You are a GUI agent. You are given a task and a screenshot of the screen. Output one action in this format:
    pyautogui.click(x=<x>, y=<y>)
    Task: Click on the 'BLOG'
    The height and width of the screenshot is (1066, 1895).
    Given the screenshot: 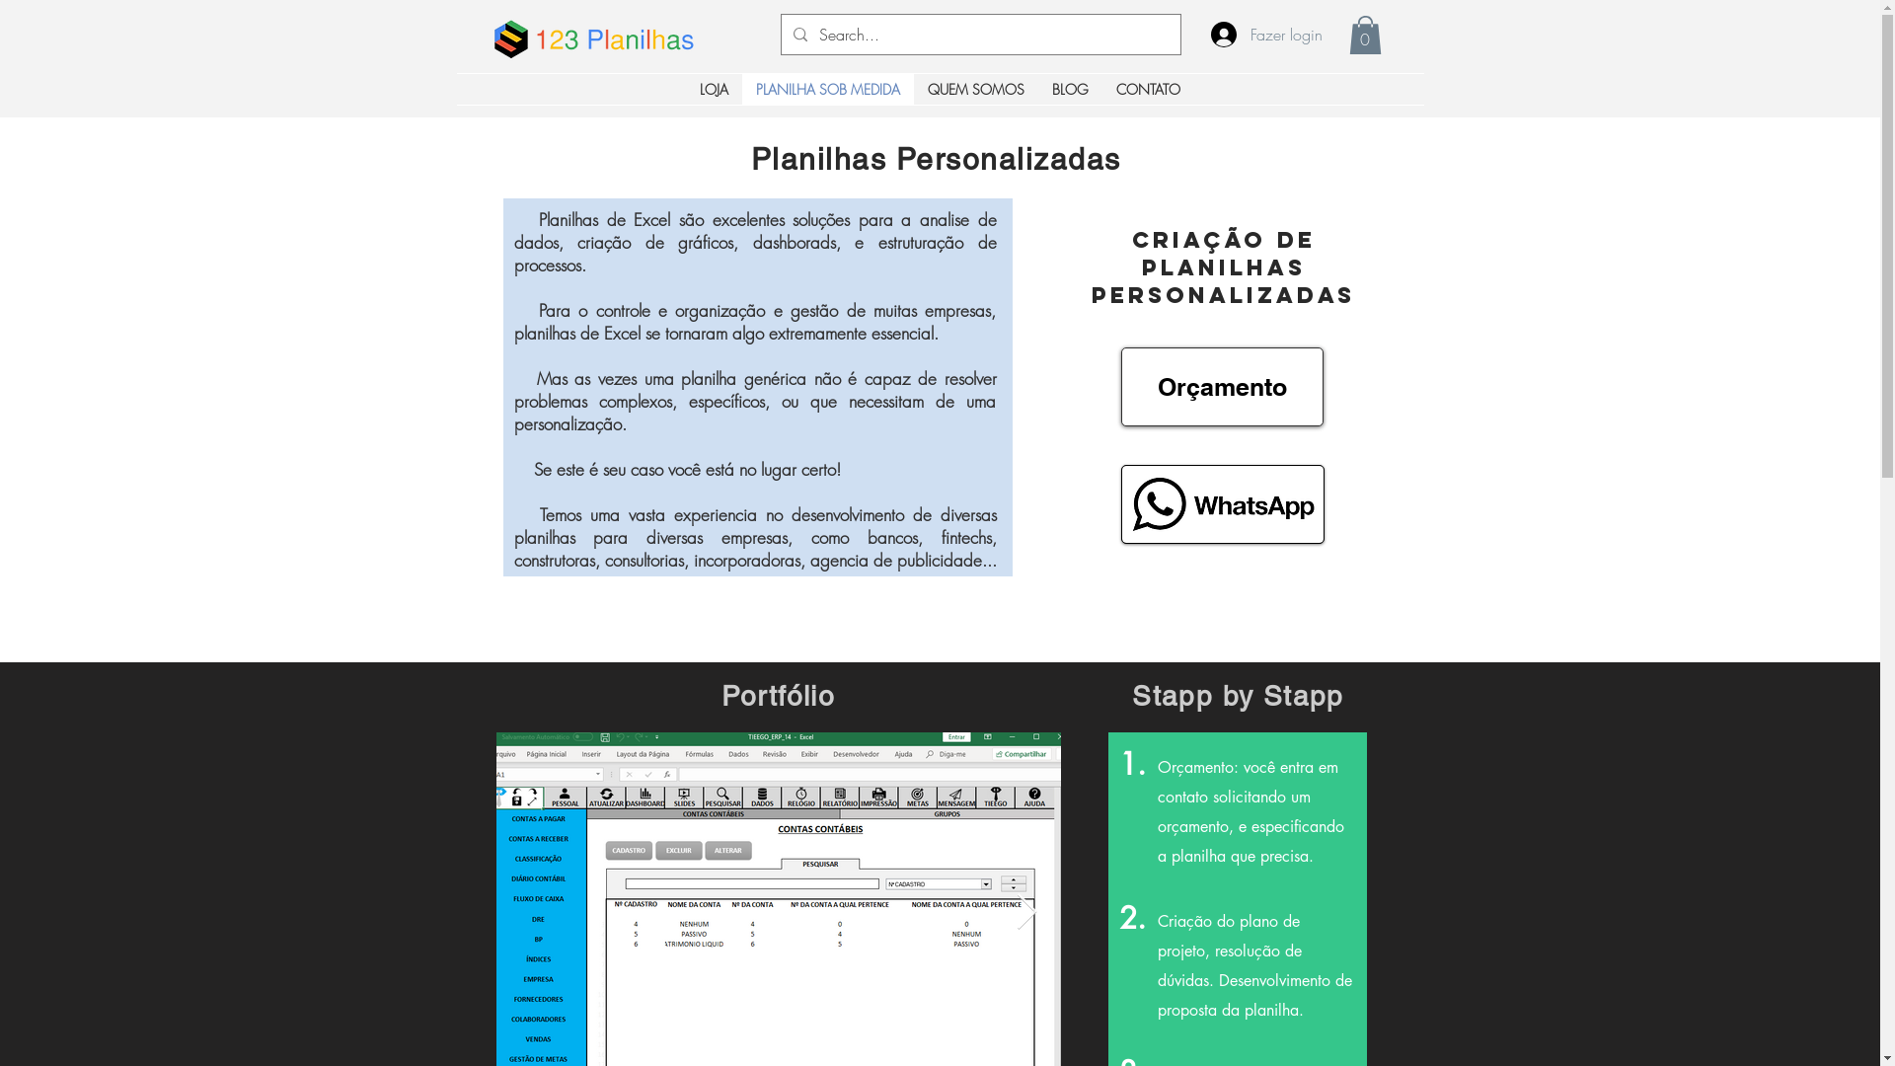 What is the action you would take?
    pyautogui.click(x=1069, y=89)
    